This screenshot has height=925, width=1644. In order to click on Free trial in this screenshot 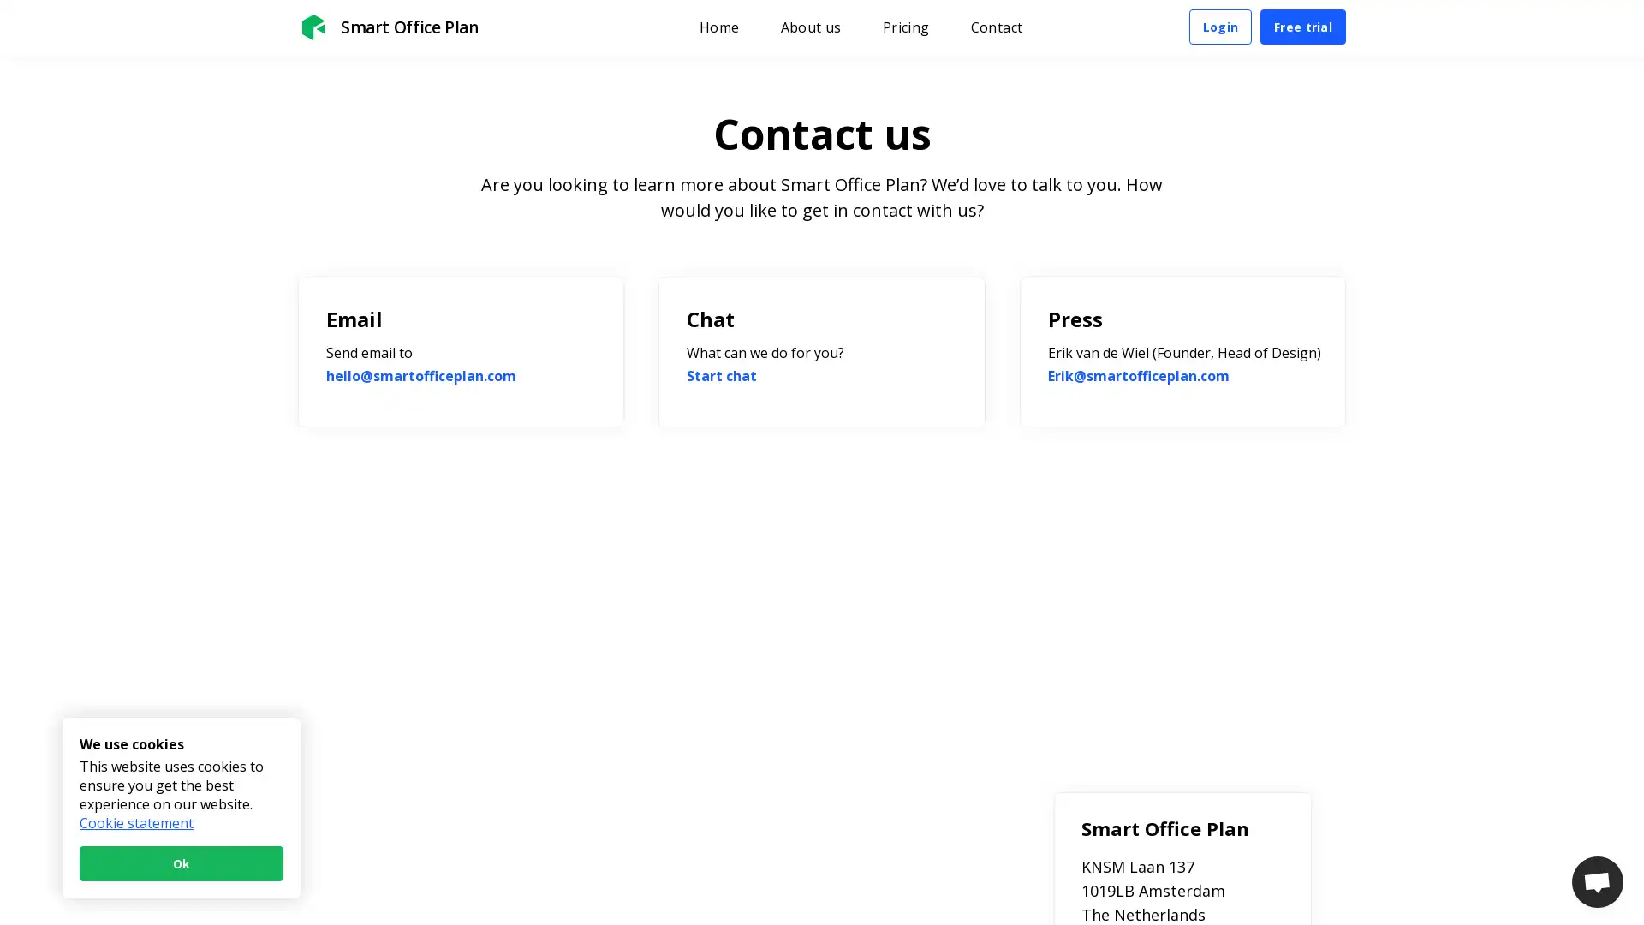, I will do `click(1301, 27)`.